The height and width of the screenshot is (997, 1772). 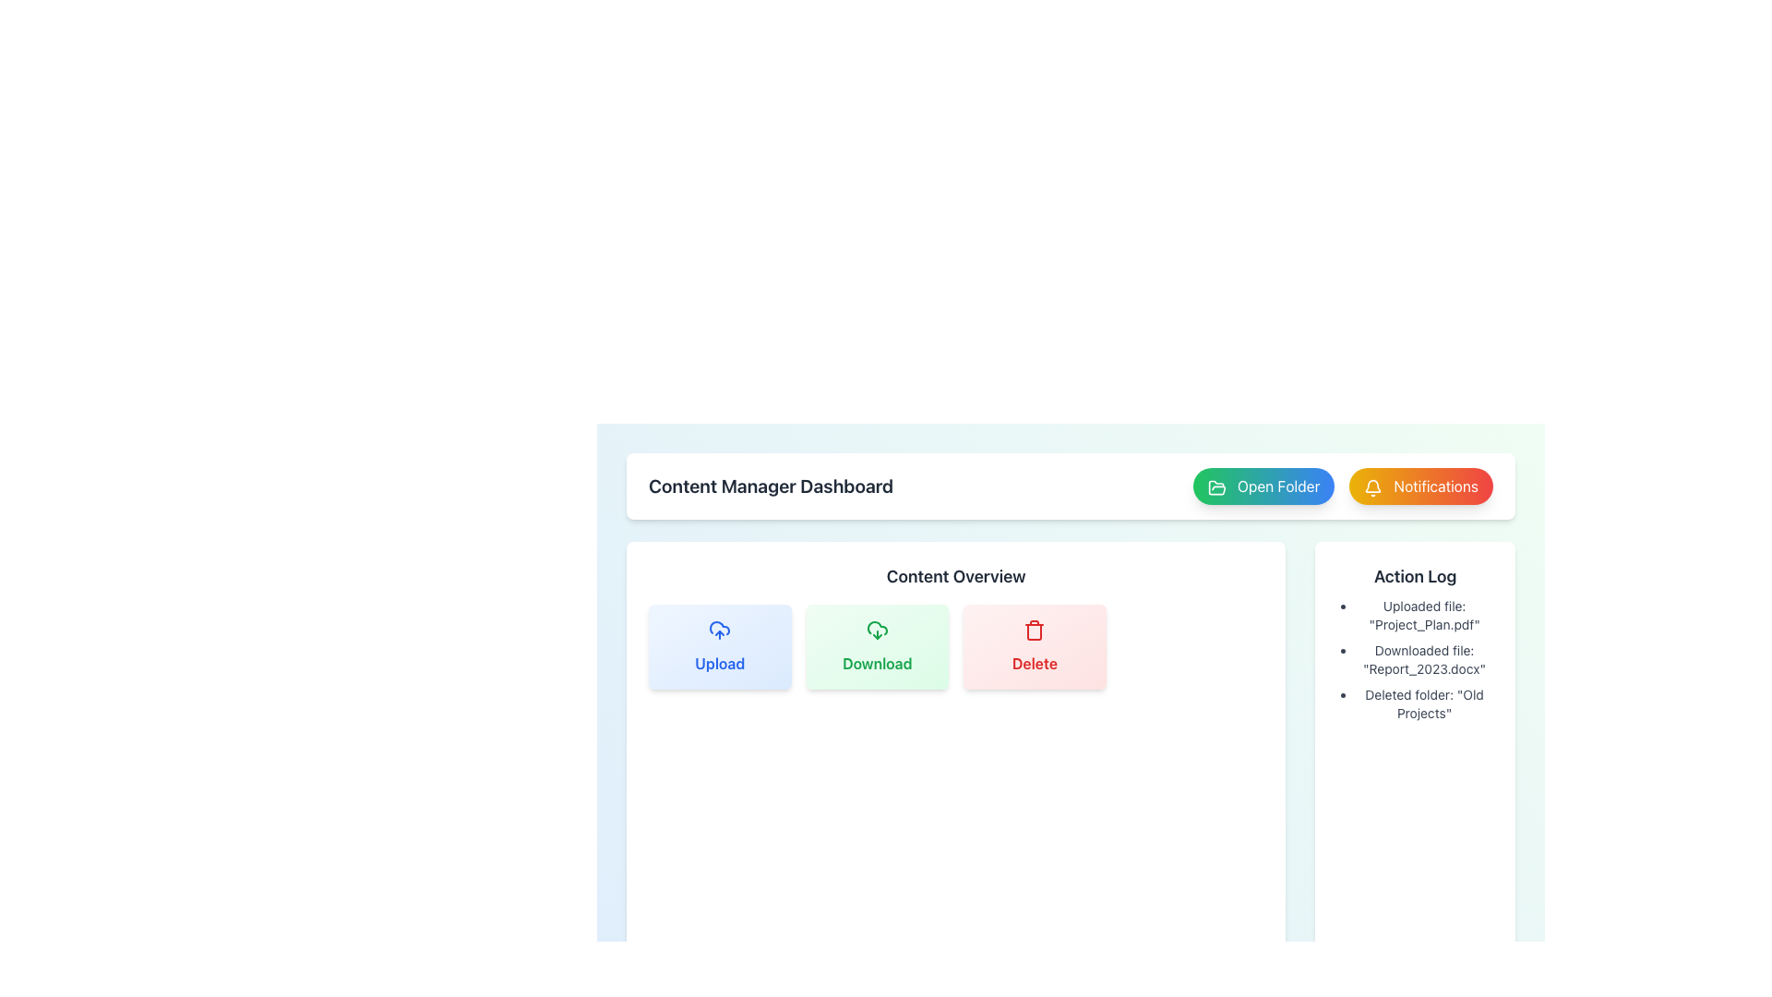 I want to click on the 'Upload' button, which is a rectangular button with rounded edges and a gradient background, located in the 'Content Overview' section, so click(x=719, y=646).